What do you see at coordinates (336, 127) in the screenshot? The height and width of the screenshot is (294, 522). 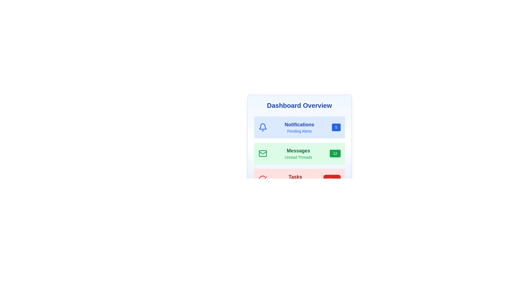 I see `the blue circular badge with a white numeral '5' in the Notifications section of the dashboard layout` at bounding box center [336, 127].